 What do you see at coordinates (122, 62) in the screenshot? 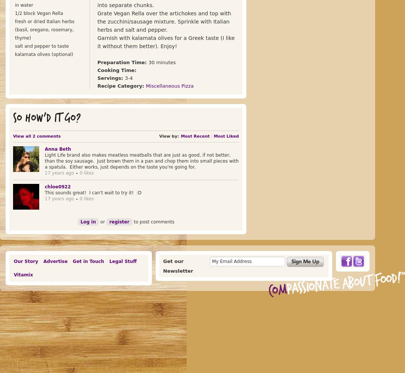
I see `'Preparation Time:'` at bounding box center [122, 62].